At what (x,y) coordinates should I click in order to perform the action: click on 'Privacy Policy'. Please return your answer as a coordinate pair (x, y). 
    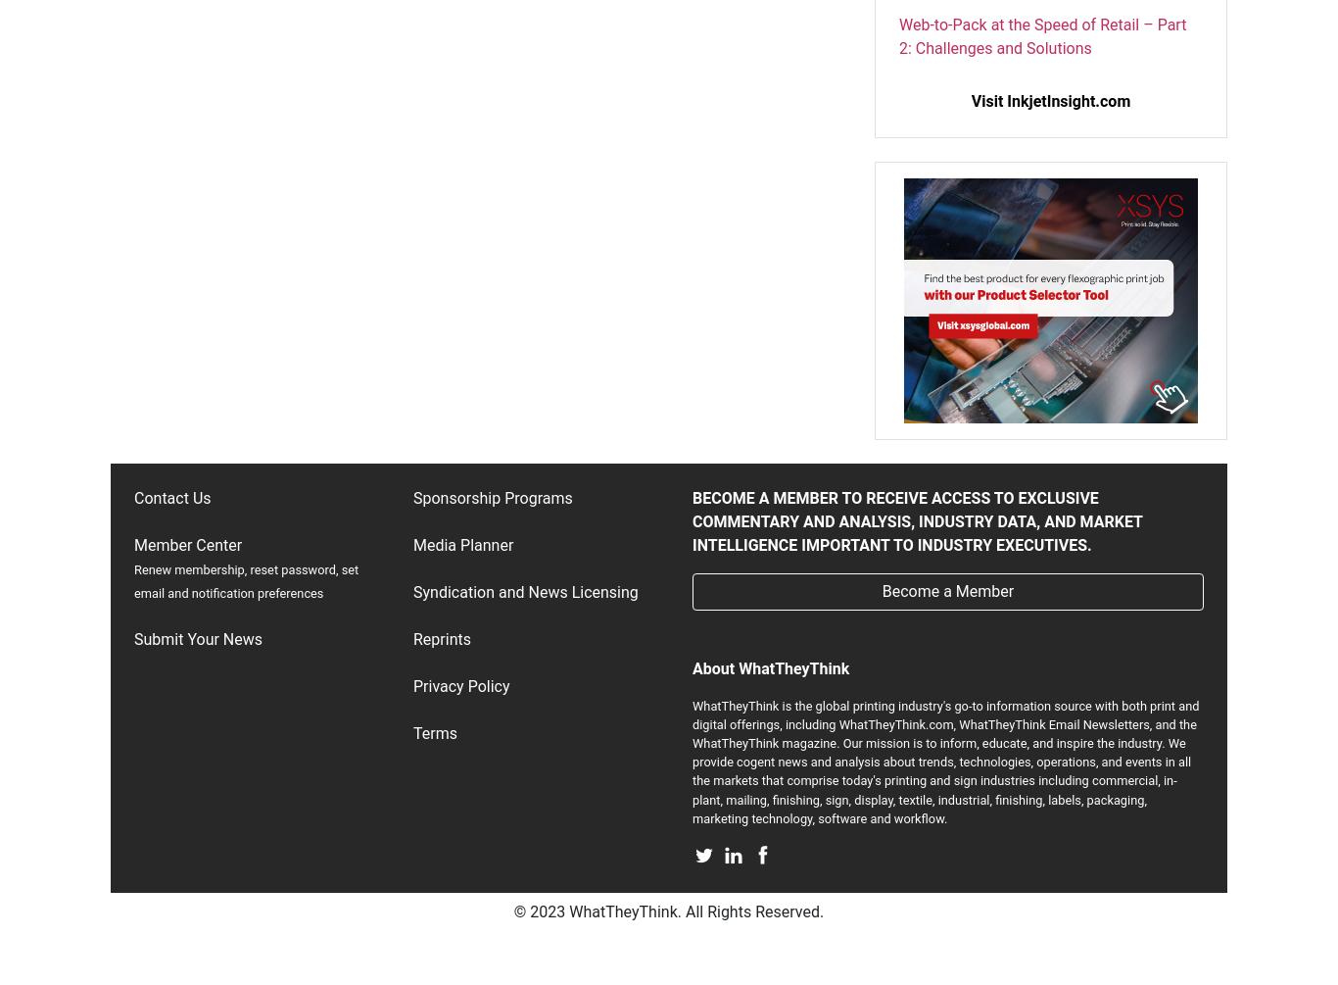
    Looking at the image, I should click on (460, 685).